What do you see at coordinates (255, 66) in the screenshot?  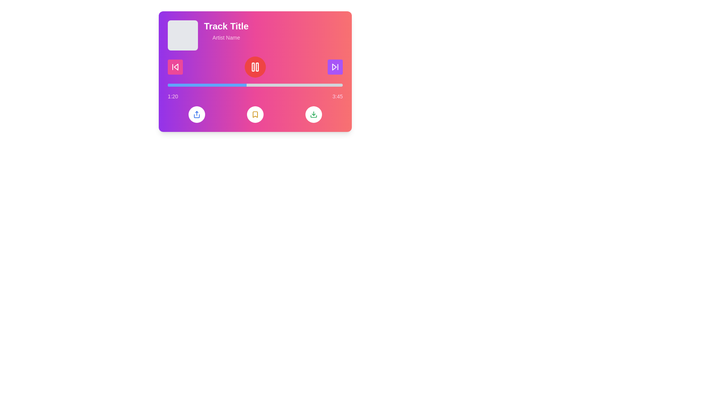 I see `the pause button in the media controls section` at bounding box center [255, 66].